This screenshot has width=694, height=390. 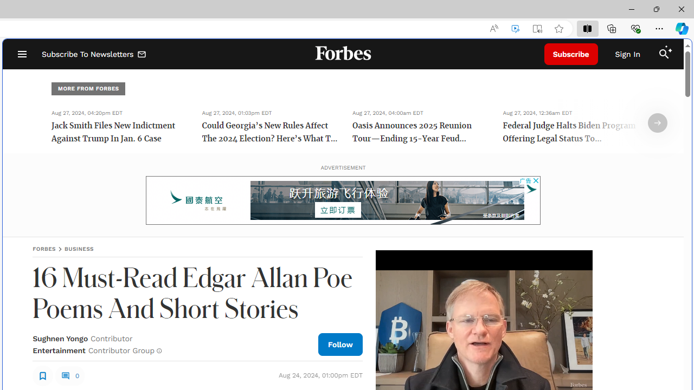 I want to click on 'Restore', so click(x=656, y=9).